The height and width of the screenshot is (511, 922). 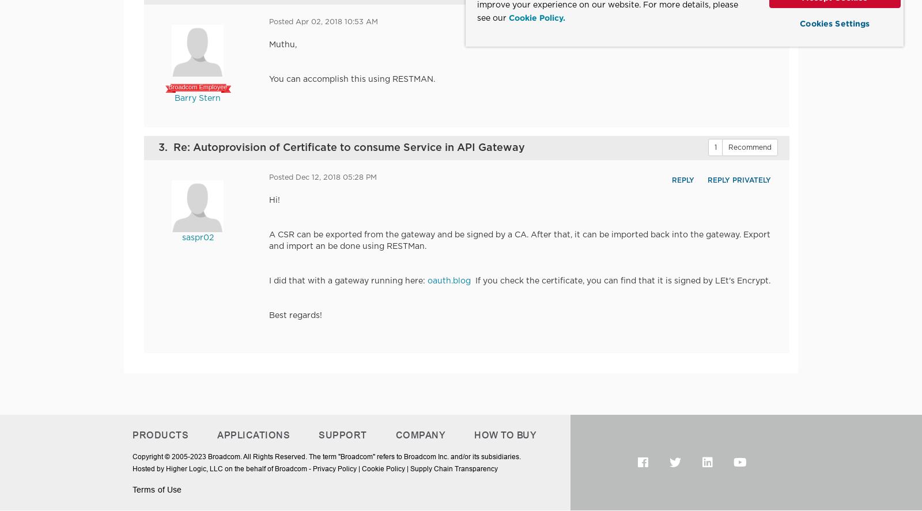 I want to click on 'Support', so click(x=342, y=434).